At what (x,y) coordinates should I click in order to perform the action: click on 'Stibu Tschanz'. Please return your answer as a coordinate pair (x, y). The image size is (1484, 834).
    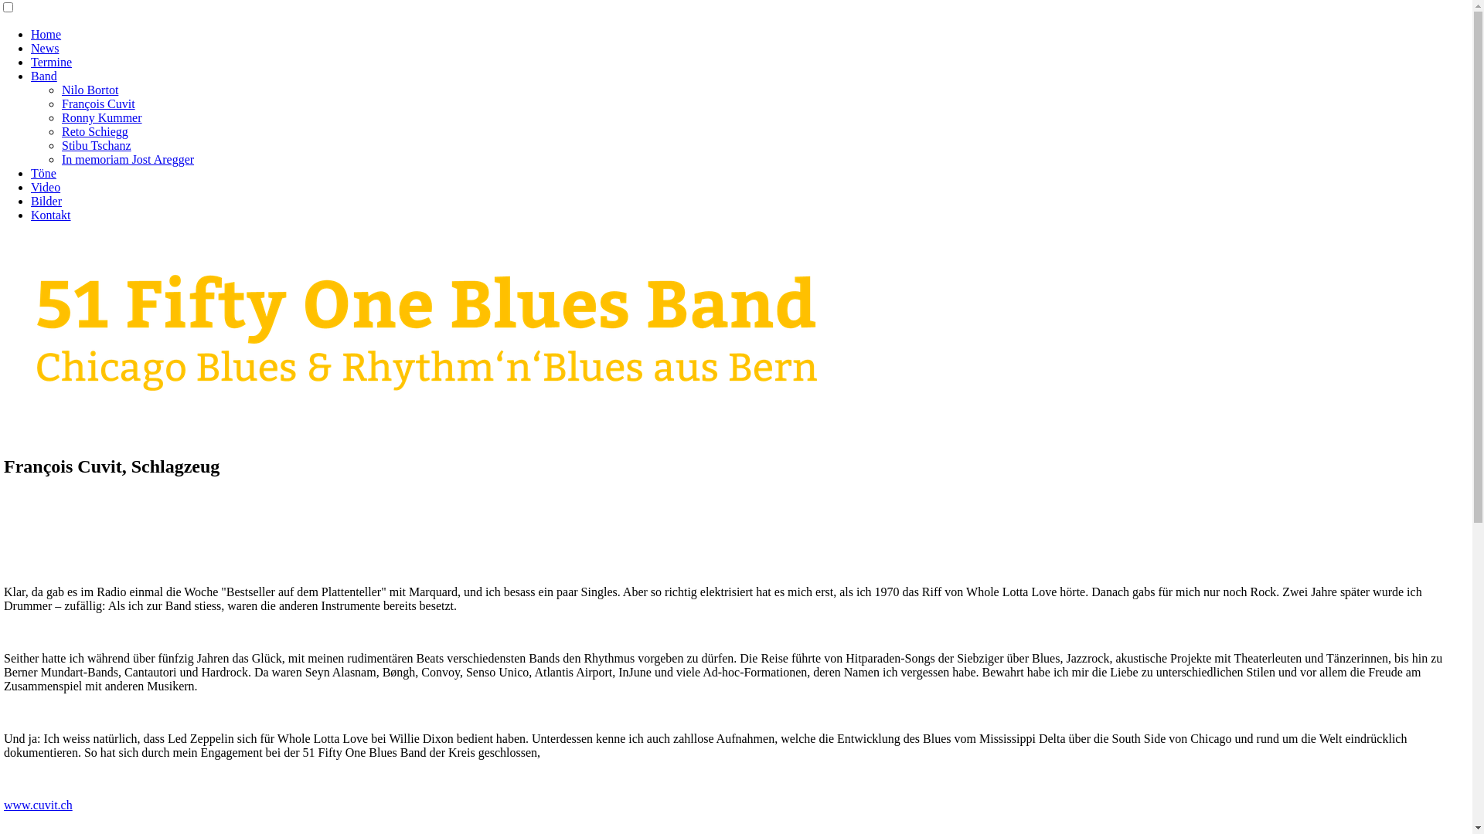
    Looking at the image, I should click on (62, 145).